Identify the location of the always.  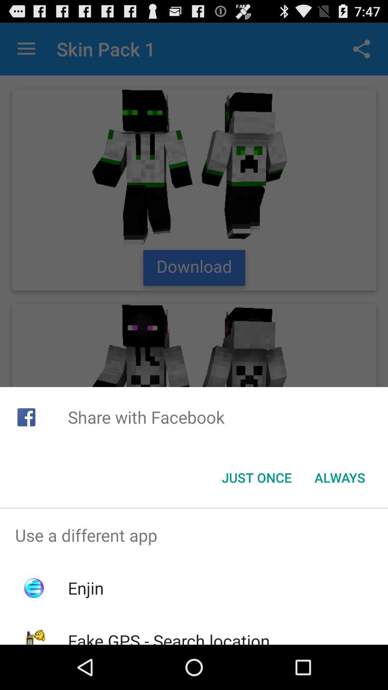
(339, 478).